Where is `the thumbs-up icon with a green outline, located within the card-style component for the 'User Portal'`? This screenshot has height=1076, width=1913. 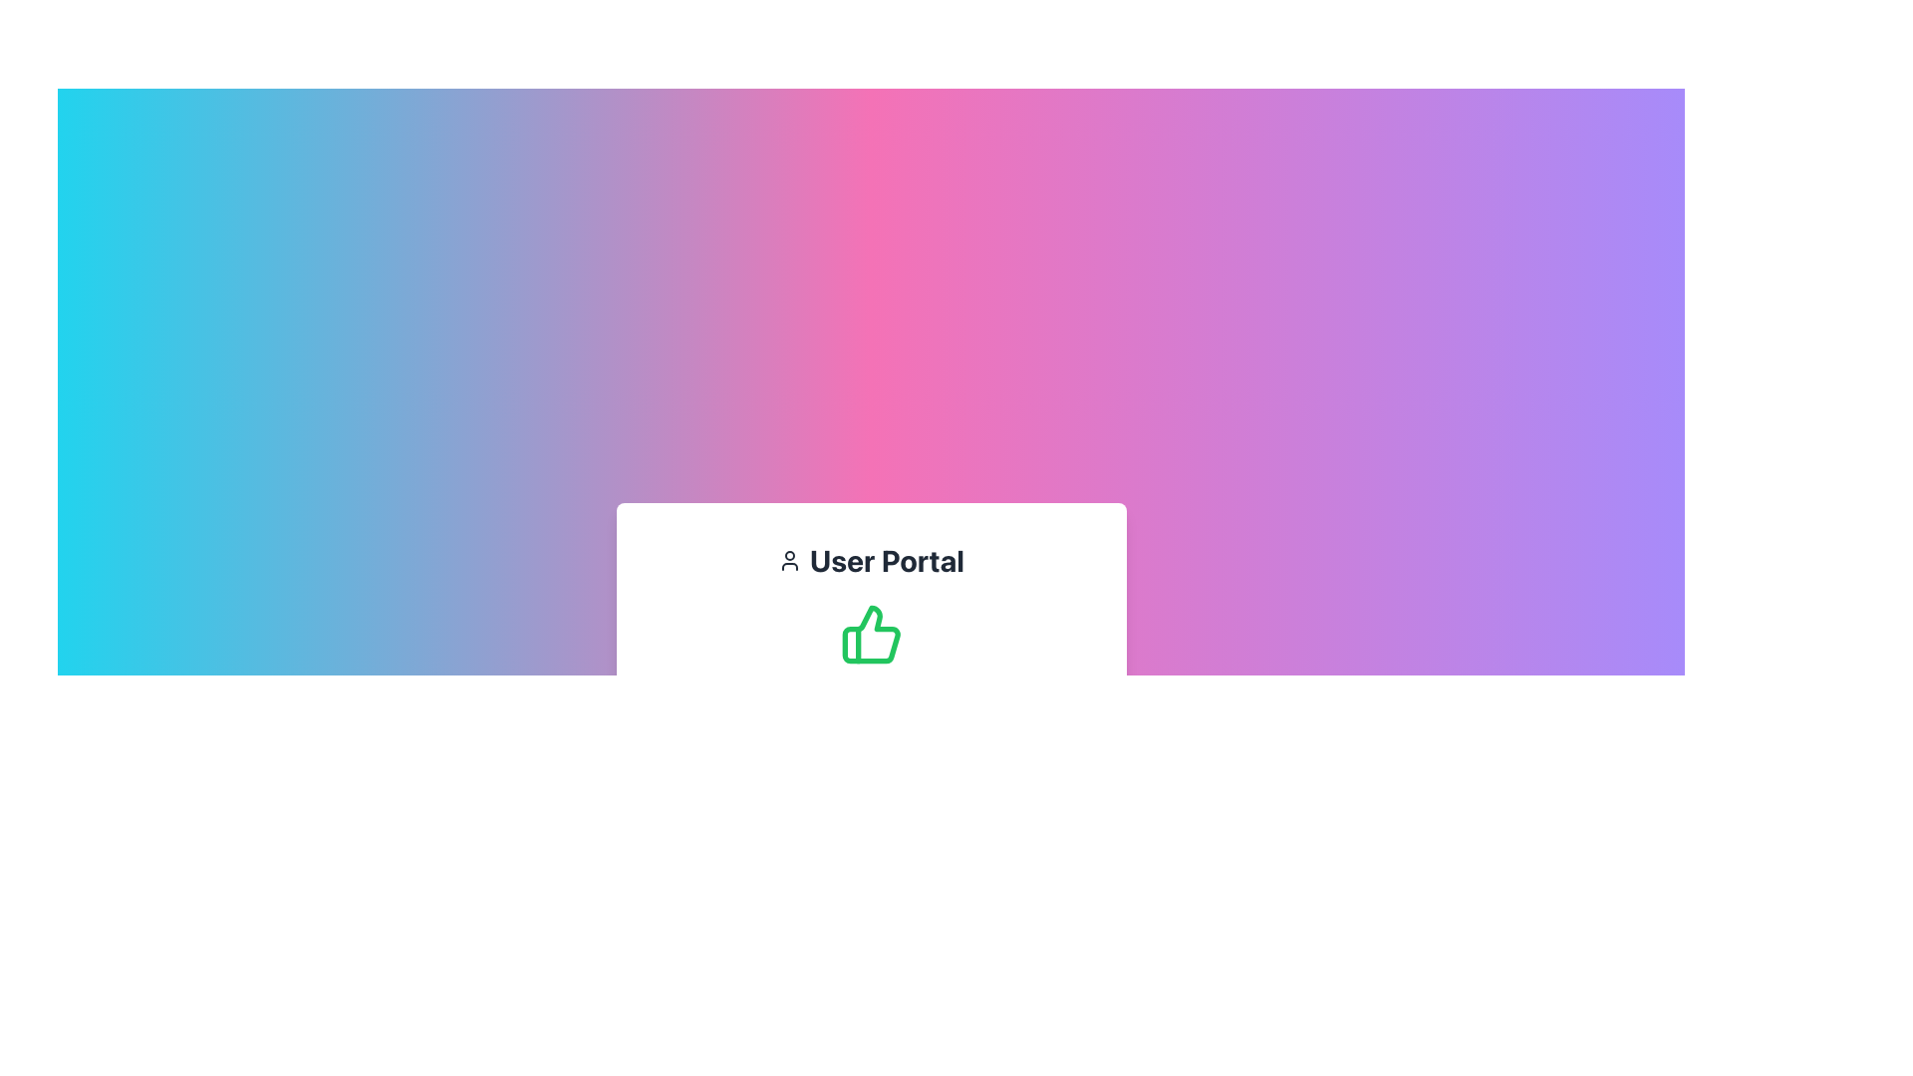 the thumbs-up icon with a green outline, located within the card-style component for the 'User Portal' is located at coordinates (871, 625).